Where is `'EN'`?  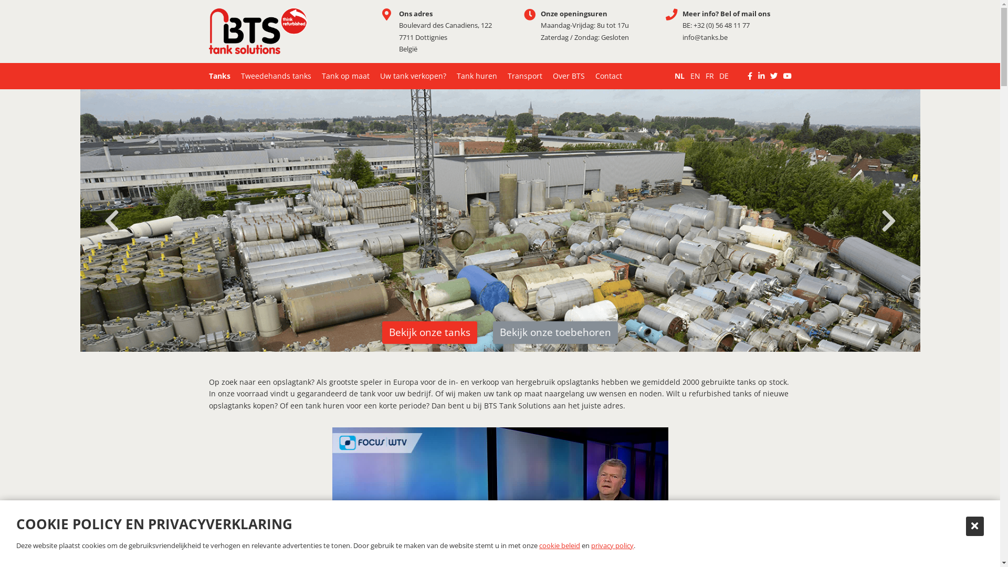 'EN' is located at coordinates (695, 76).